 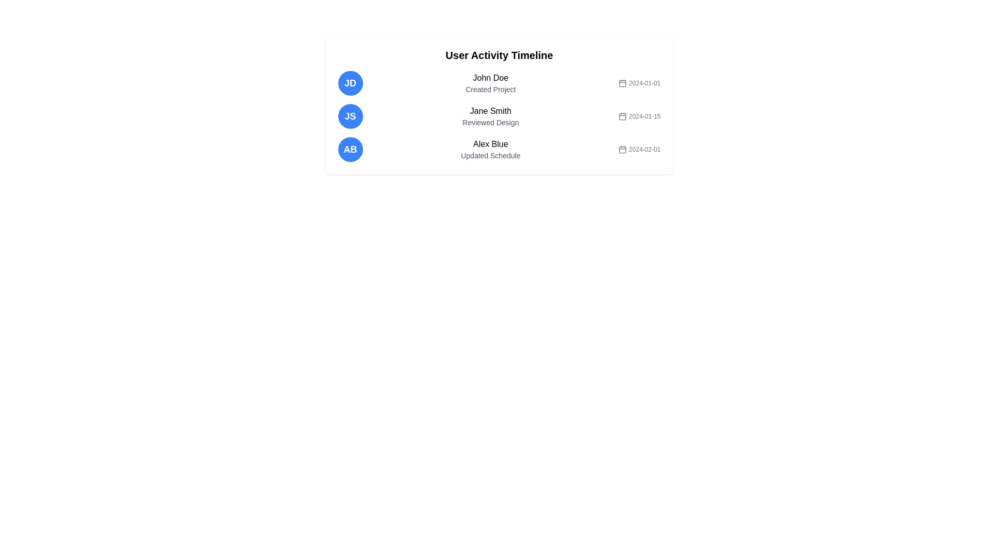 What do you see at coordinates (622, 150) in the screenshot?
I see `the calendar icon located next to the date text '2024-02-01' in the third row of the timeline interface` at bounding box center [622, 150].